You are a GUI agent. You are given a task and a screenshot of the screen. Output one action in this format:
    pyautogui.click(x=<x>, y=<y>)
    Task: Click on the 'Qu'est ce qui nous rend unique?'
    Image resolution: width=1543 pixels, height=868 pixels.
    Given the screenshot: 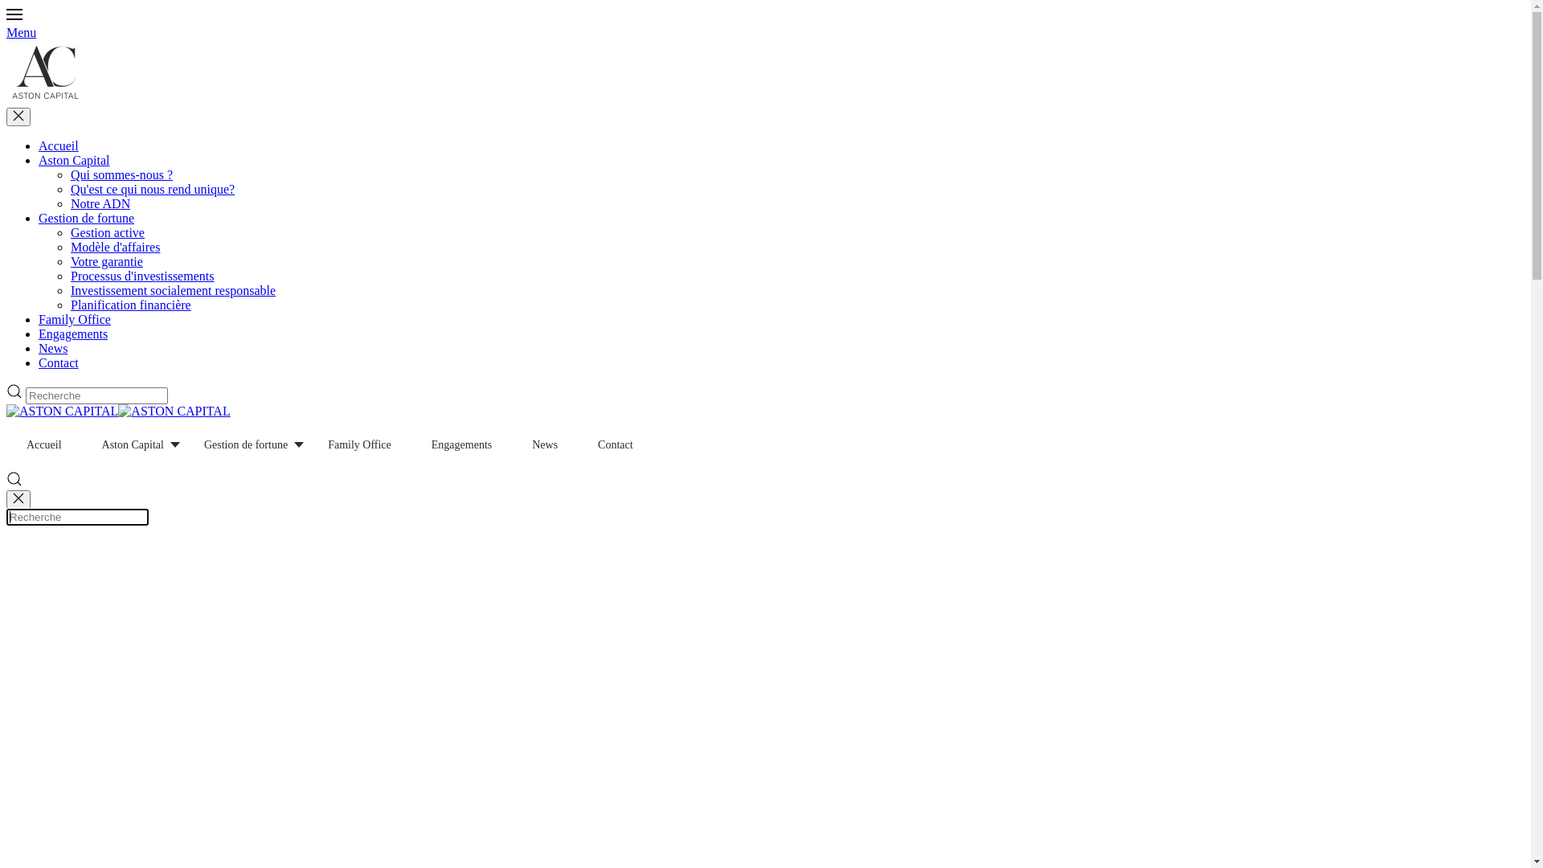 What is the action you would take?
    pyautogui.click(x=153, y=188)
    